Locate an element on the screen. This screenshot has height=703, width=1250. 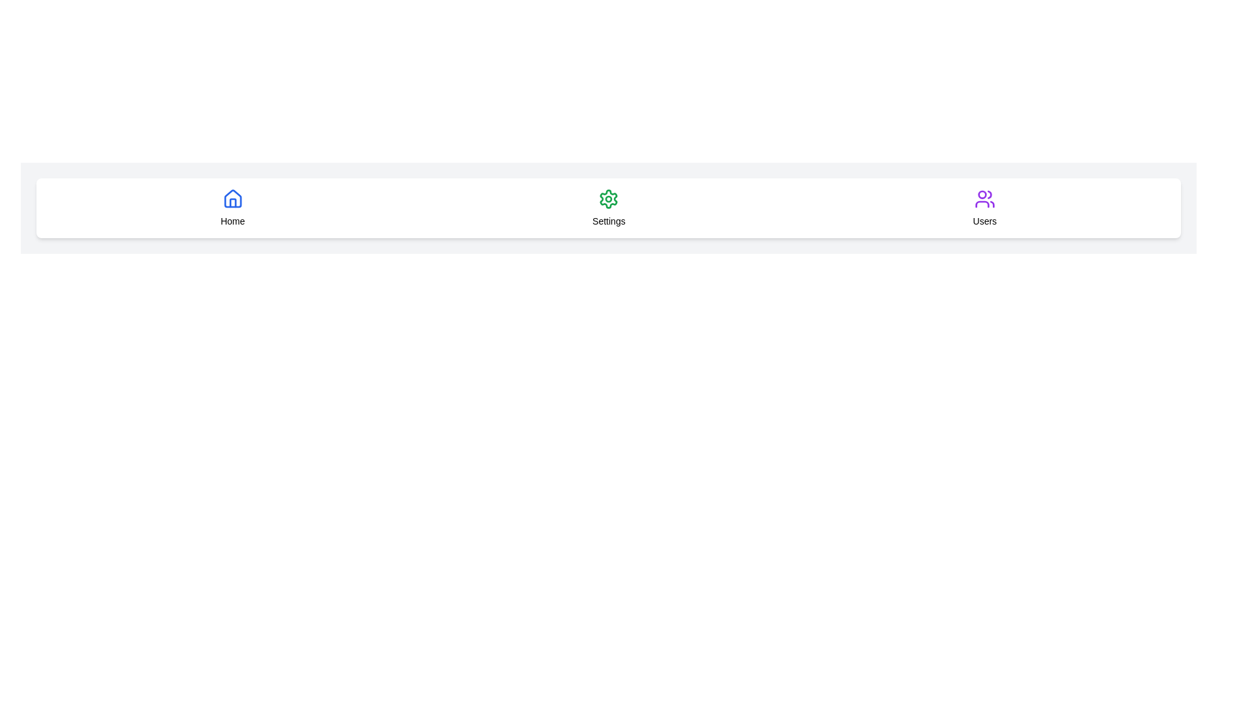
the navigation item on the far right of the horizontal bar is located at coordinates (984, 208).